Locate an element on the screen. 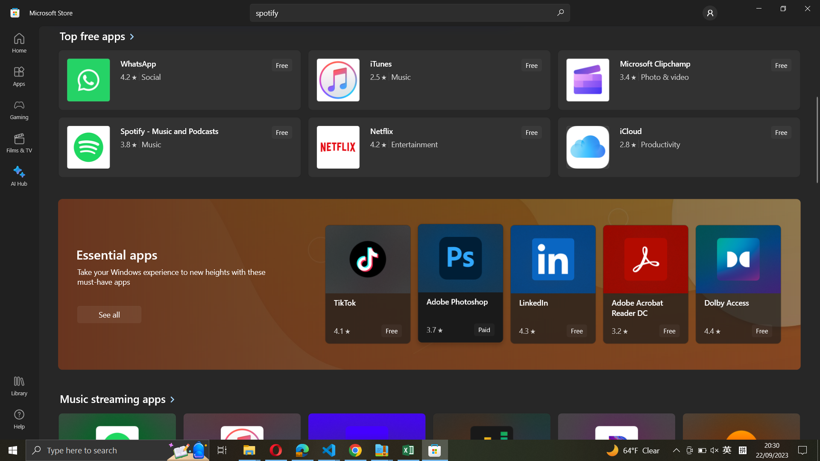 This screenshot has width=820, height=461. See profile" of user is located at coordinates (710, 12).